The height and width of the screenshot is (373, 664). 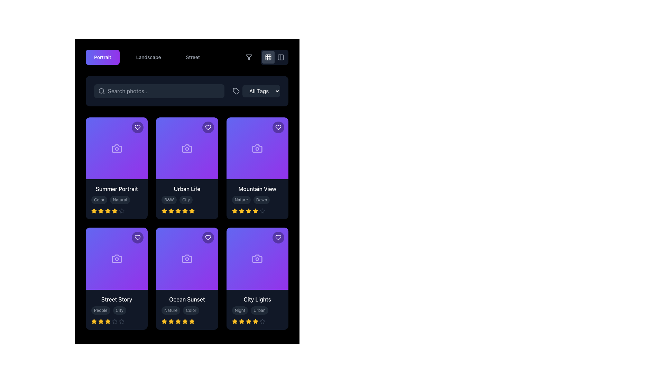 I want to click on the star icon in the rating section of the 'Ocean Sunset' card located in the second row, middle column of a 3x2 grid layout to modify the rating, so click(x=185, y=321).